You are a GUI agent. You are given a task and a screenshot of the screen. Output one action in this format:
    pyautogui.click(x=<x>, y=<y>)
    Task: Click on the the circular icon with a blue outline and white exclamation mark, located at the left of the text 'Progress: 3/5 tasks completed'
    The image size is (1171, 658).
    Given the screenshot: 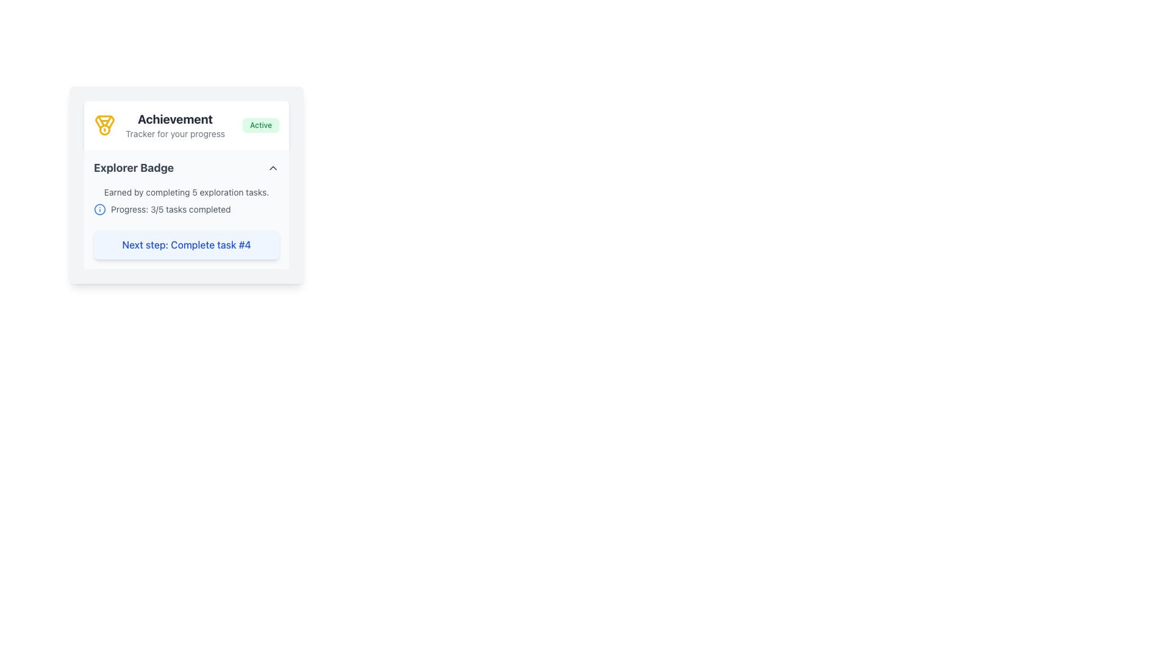 What is the action you would take?
    pyautogui.click(x=99, y=208)
    